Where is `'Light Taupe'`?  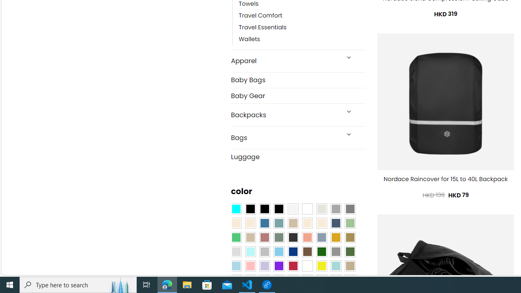
'Light Taupe' is located at coordinates (250, 237).